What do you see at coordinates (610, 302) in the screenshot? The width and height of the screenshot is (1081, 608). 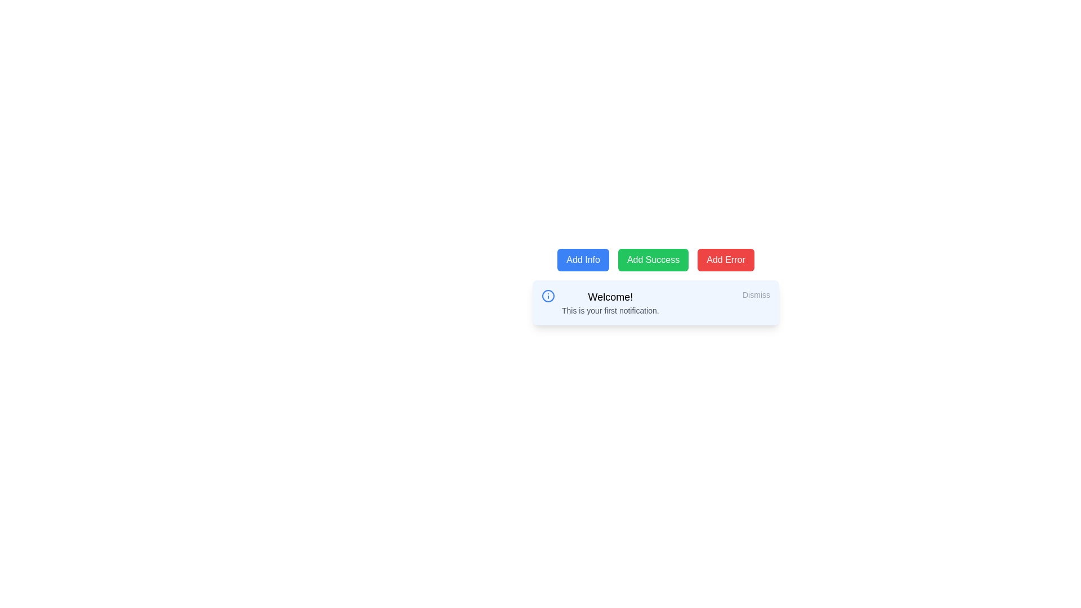 I see `the text block that displays the title 'Welcome!' and the subtitle 'This is your first notification.'` at bounding box center [610, 302].